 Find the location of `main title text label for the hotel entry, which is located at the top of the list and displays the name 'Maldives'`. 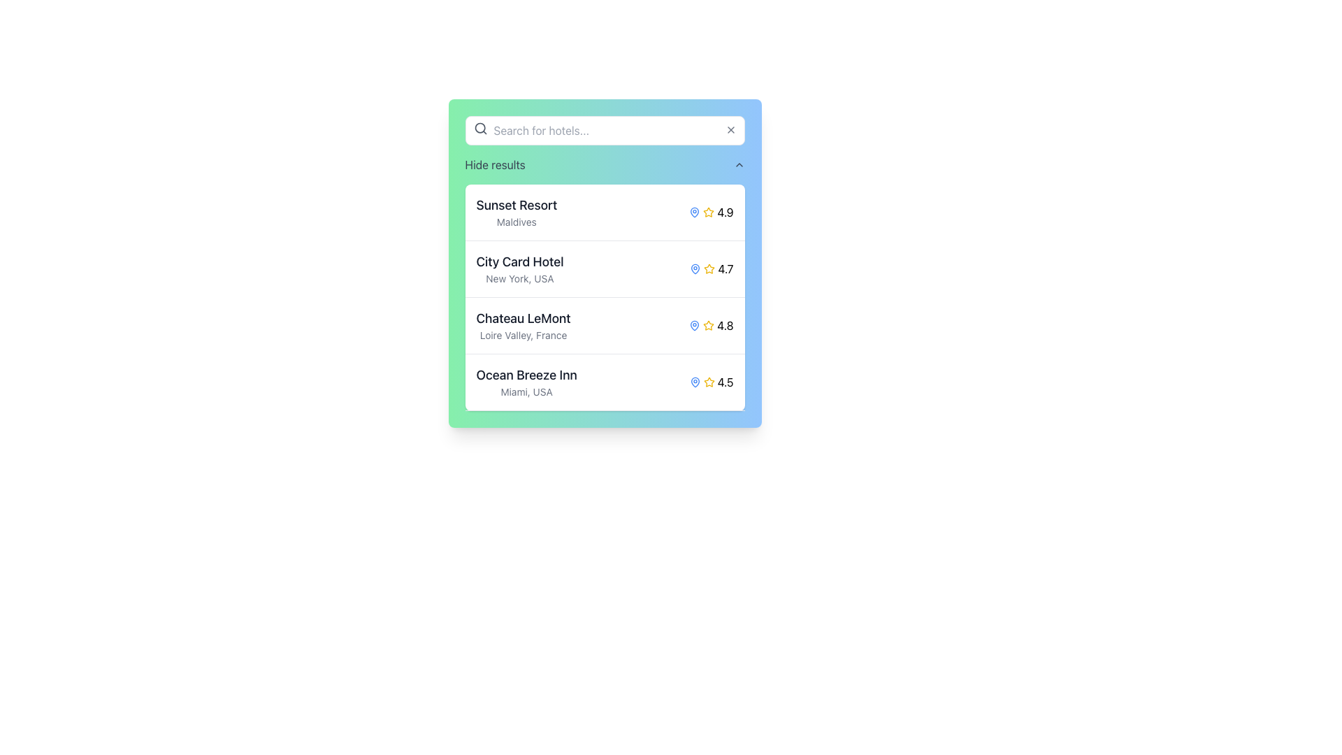

main title text label for the hotel entry, which is located at the top of the list and displays the name 'Maldives' is located at coordinates (516, 205).